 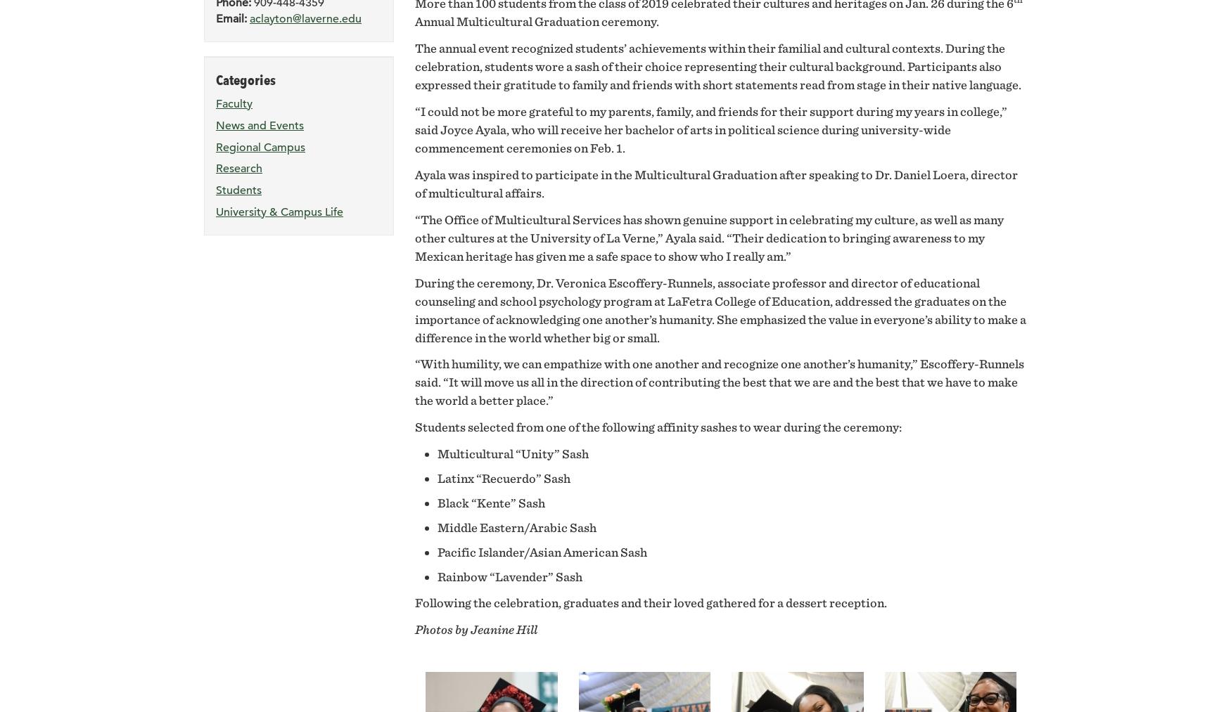 What do you see at coordinates (437, 527) in the screenshot?
I see `'Middle Eastern/Arabic Sash'` at bounding box center [437, 527].